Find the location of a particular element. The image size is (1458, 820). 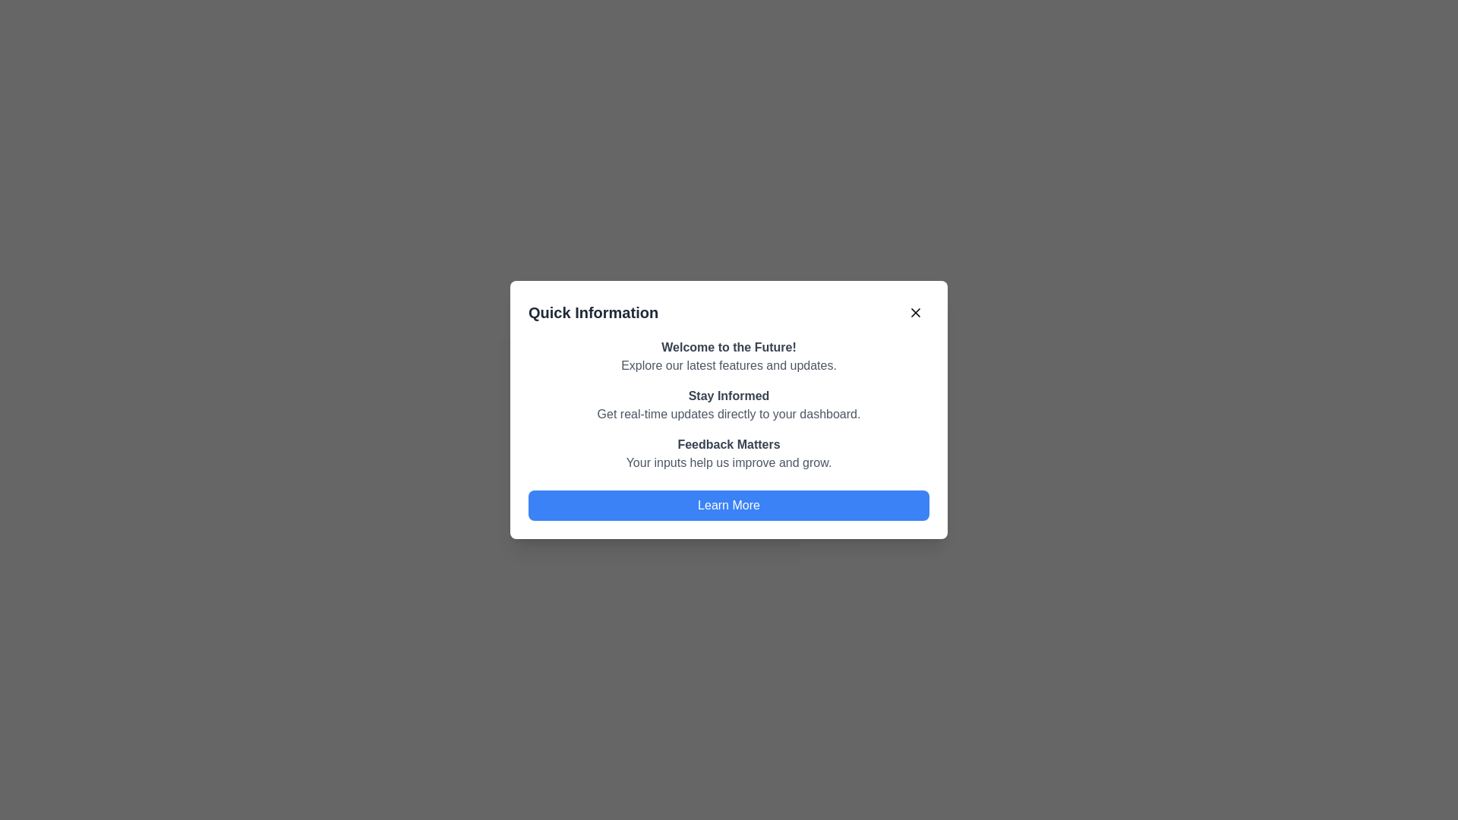

the close button located in the top-right corner of the modal dialog is located at coordinates (914, 312).